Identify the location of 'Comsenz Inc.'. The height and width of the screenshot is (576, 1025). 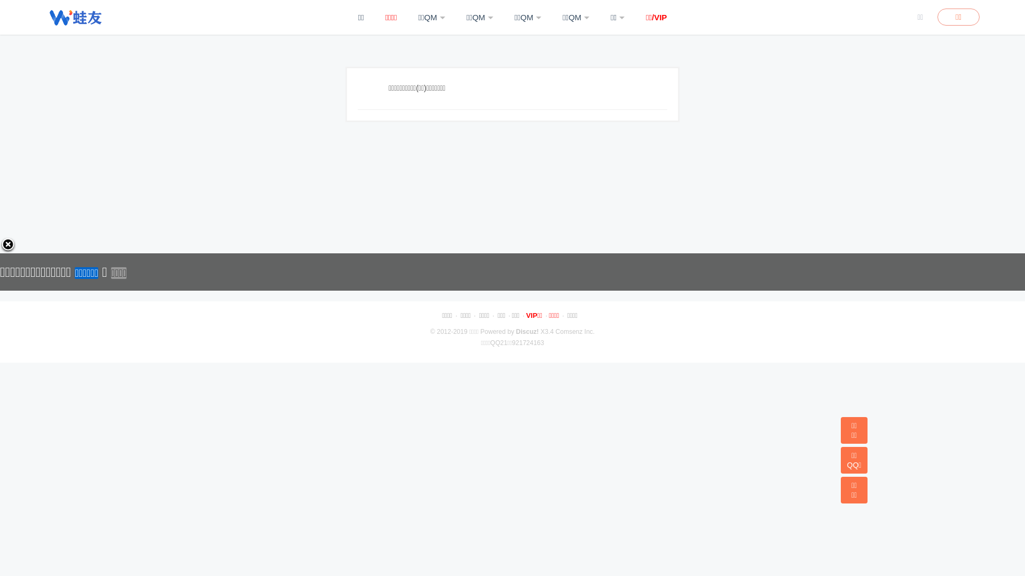
(574, 331).